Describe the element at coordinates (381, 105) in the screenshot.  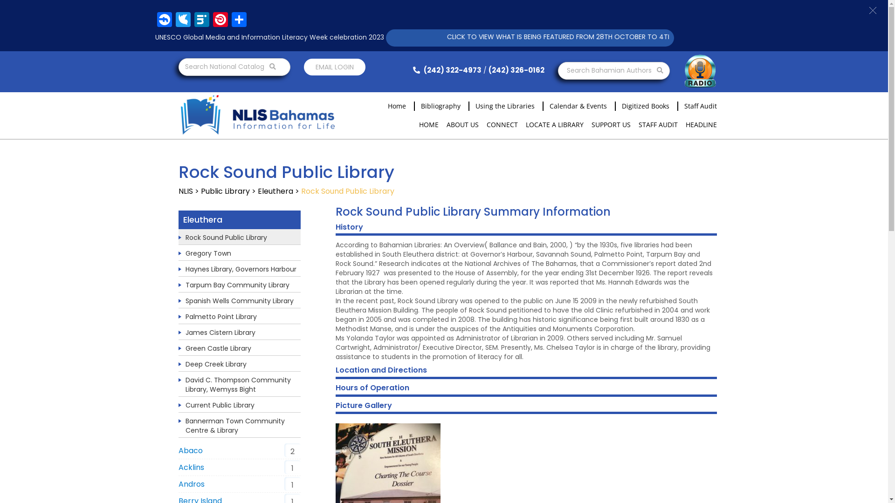
I see `'Home'` at that location.